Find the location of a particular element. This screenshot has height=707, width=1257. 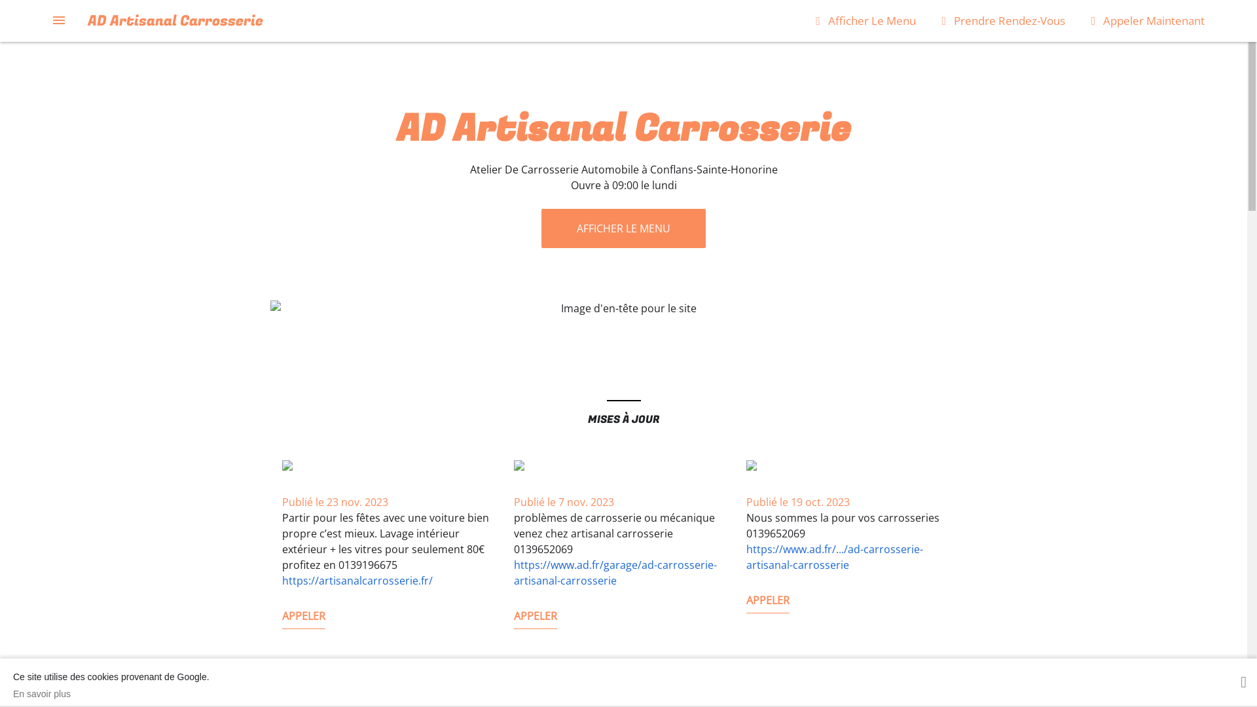

'AD Artisanal Carrosserie' is located at coordinates (175, 20).